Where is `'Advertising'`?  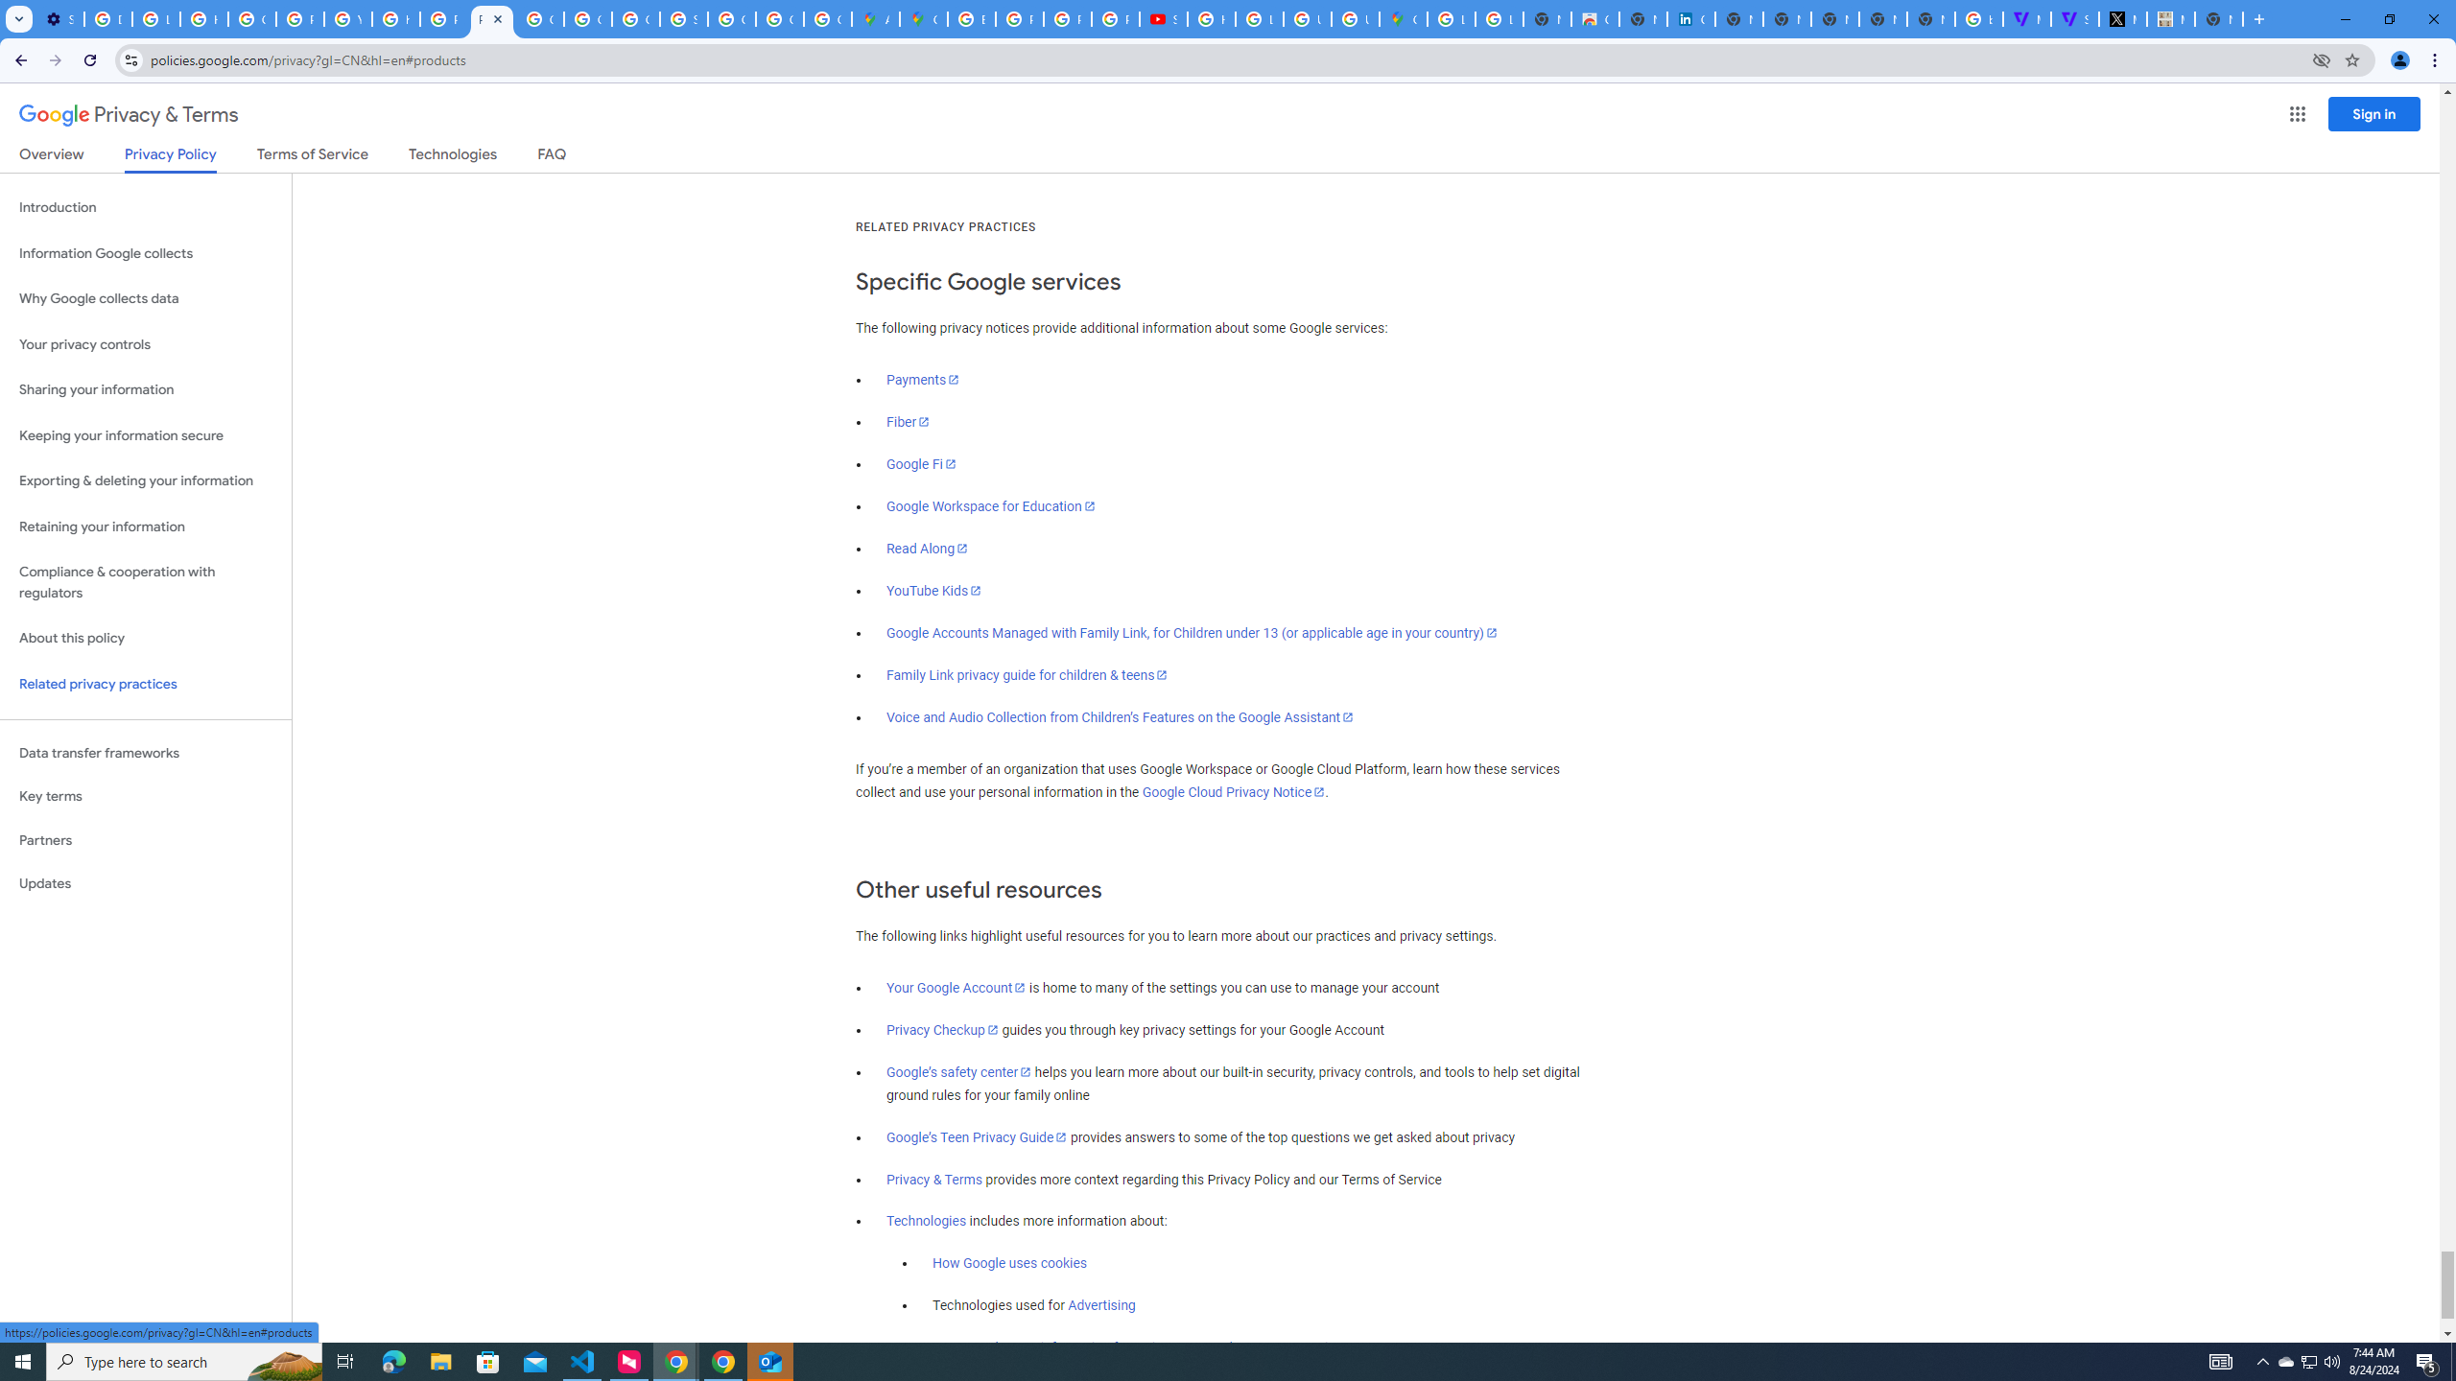
'Advertising' is located at coordinates (1100, 1306).